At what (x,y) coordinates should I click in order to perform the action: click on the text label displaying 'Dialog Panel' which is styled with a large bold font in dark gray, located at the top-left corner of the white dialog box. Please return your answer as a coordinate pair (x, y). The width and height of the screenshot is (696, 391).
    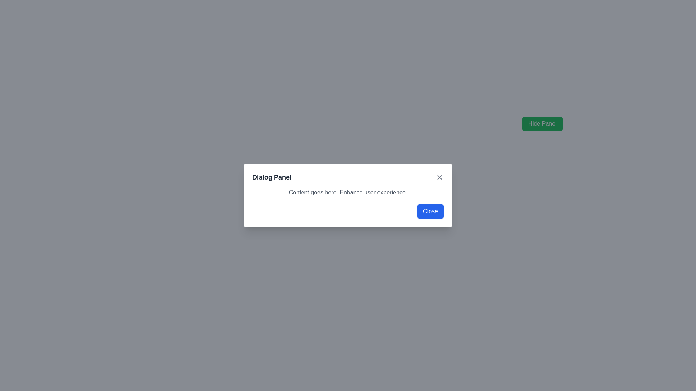
    Looking at the image, I should click on (271, 177).